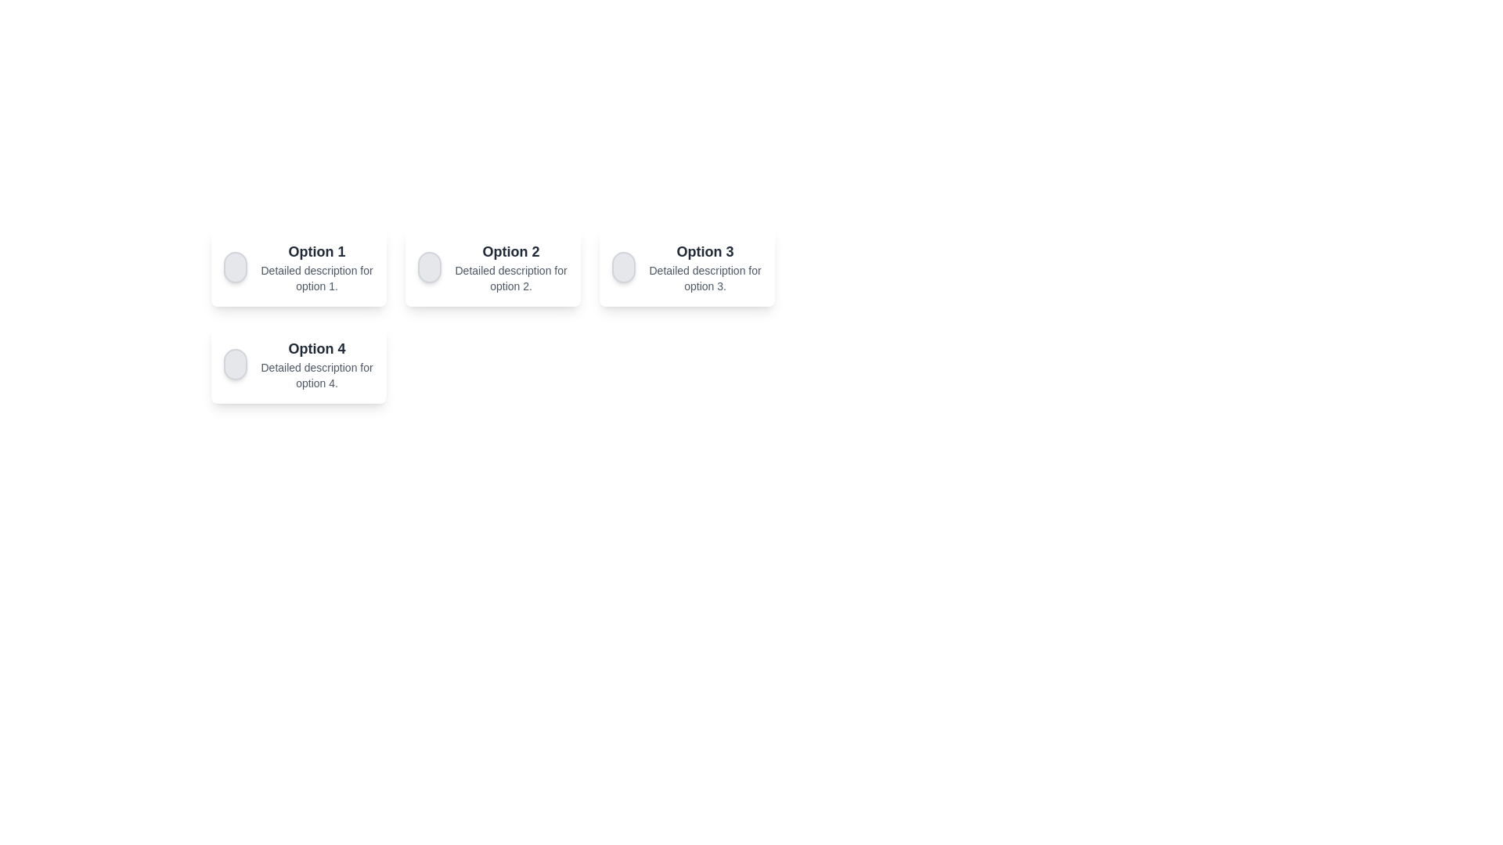  Describe the element at coordinates (316, 375) in the screenshot. I see `the static text label providing additional information about 'Option 4' located underneath the title 'Option 4' in the bottom-left quadrant of the layout` at that location.